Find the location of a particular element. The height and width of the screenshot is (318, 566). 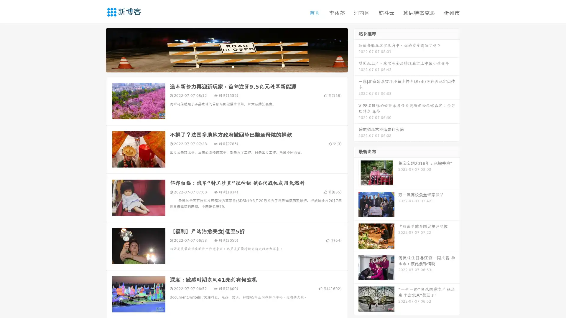

Go to slide 1 is located at coordinates (221, 66).